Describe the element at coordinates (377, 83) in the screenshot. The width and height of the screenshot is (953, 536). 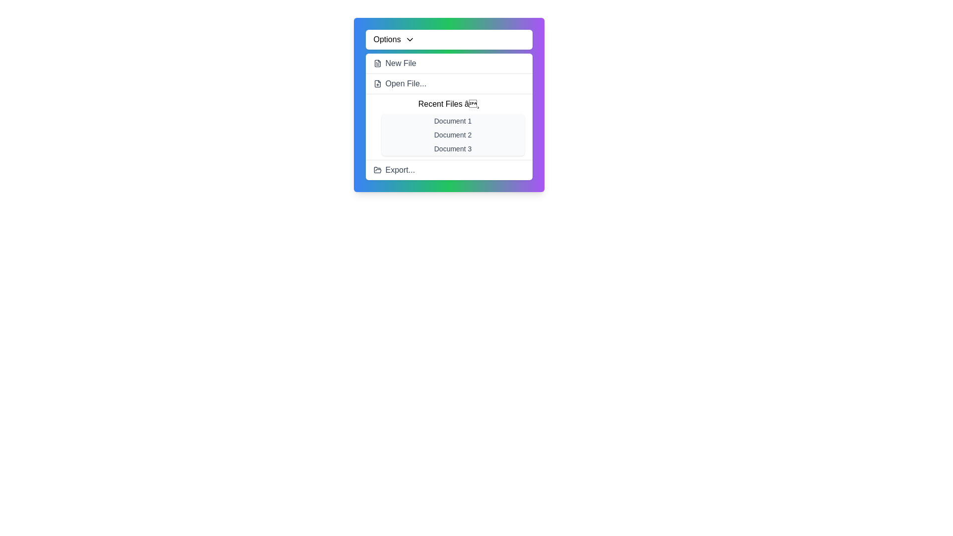
I see `the icon representing the action of opening a file, located to the left of the labeled menu item 'Open File...' in the second menu item of the vertical menu panel` at that location.